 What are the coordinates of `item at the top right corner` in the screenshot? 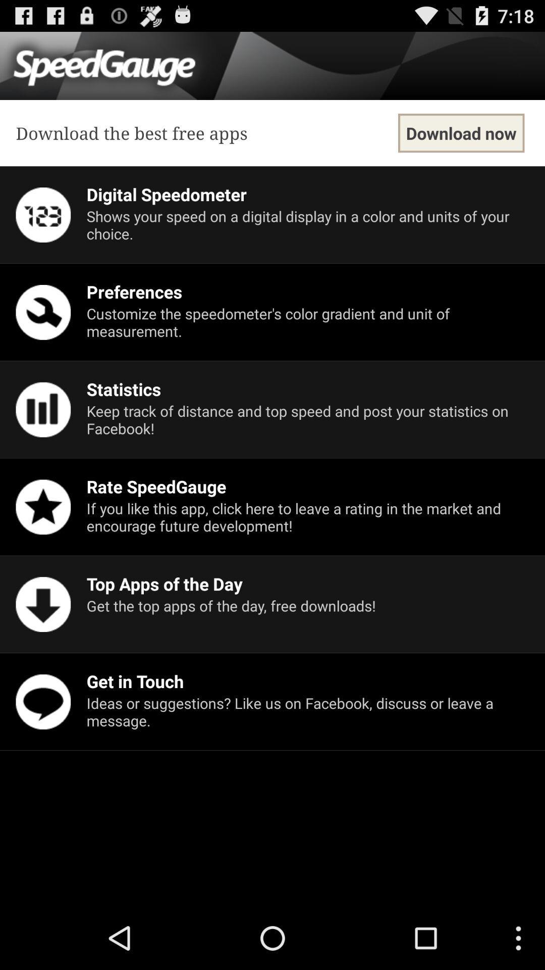 It's located at (461, 132).